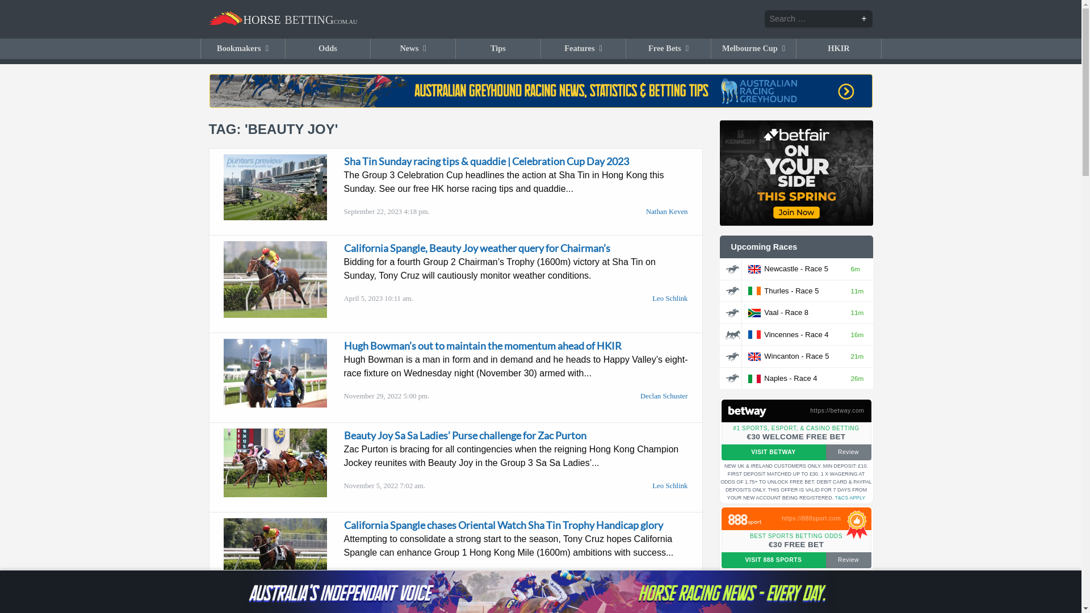 The height and width of the screenshot is (613, 1090). Describe the element at coordinates (669, 48) in the screenshot. I see `'Free Bets'` at that location.